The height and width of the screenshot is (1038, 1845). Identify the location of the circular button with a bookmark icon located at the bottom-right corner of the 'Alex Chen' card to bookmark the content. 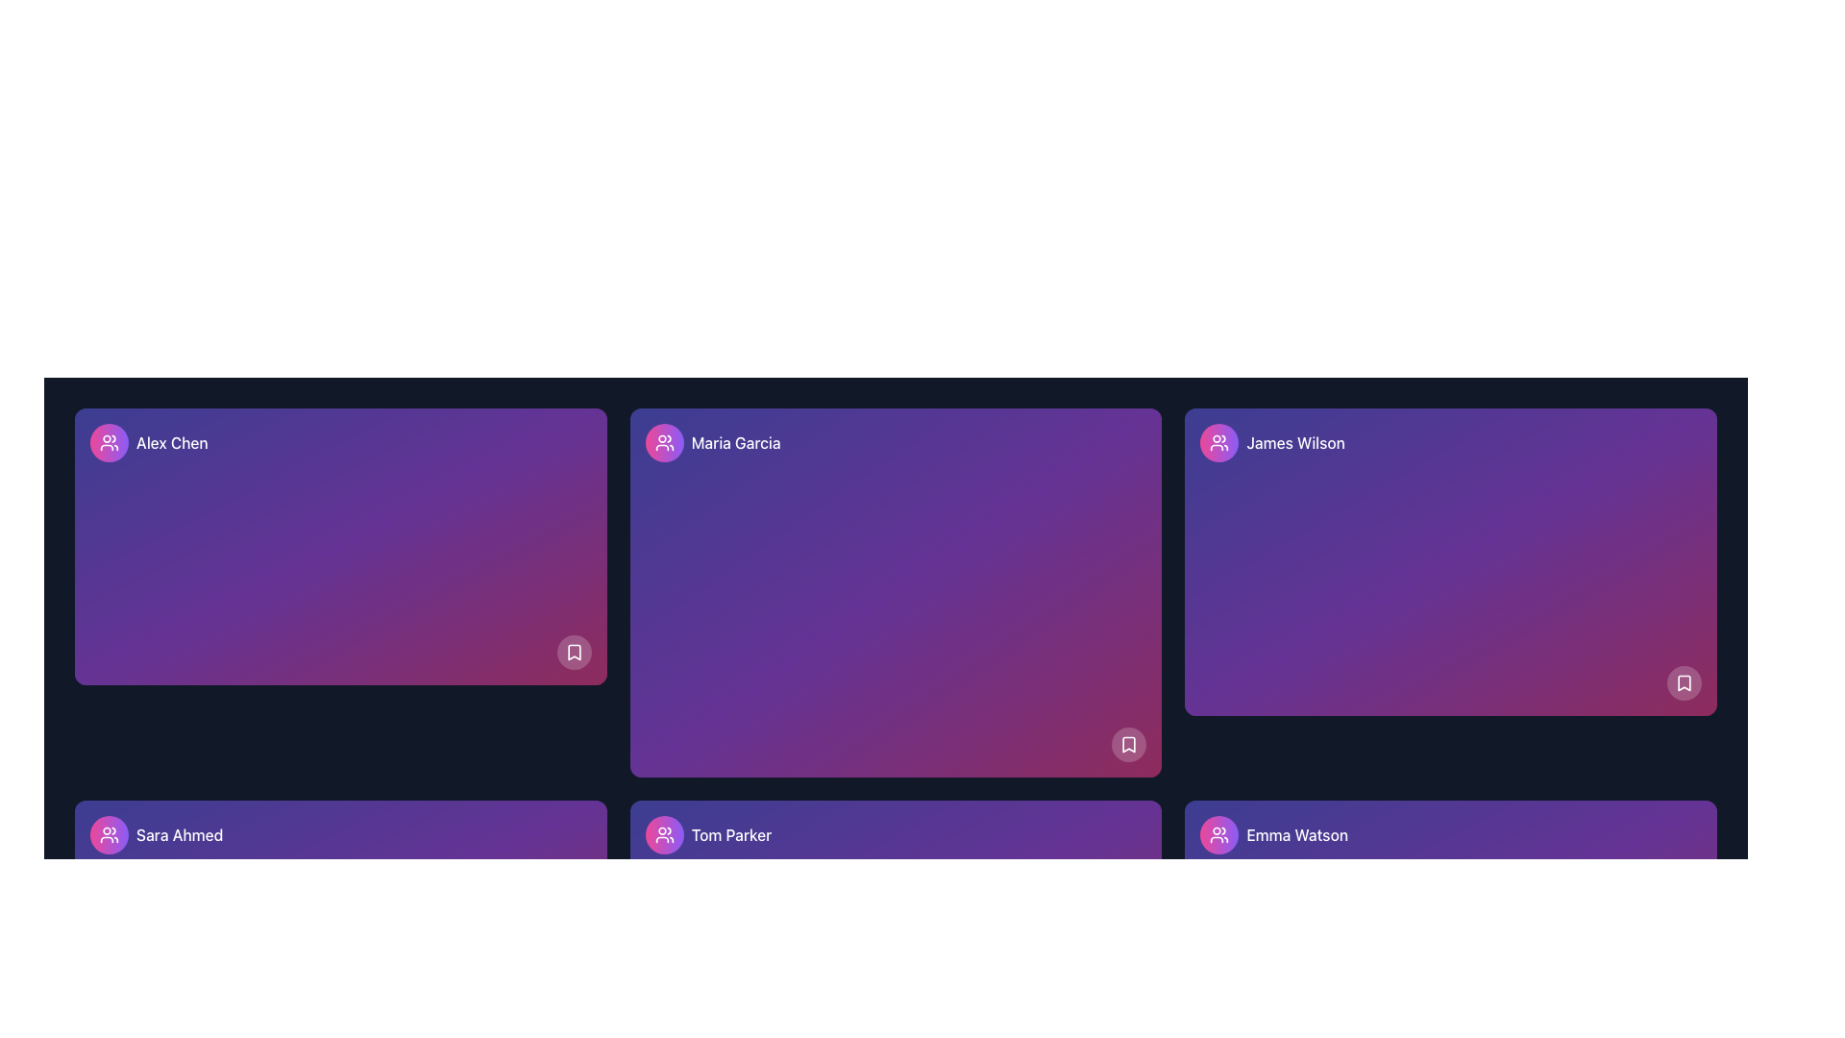
(573, 651).